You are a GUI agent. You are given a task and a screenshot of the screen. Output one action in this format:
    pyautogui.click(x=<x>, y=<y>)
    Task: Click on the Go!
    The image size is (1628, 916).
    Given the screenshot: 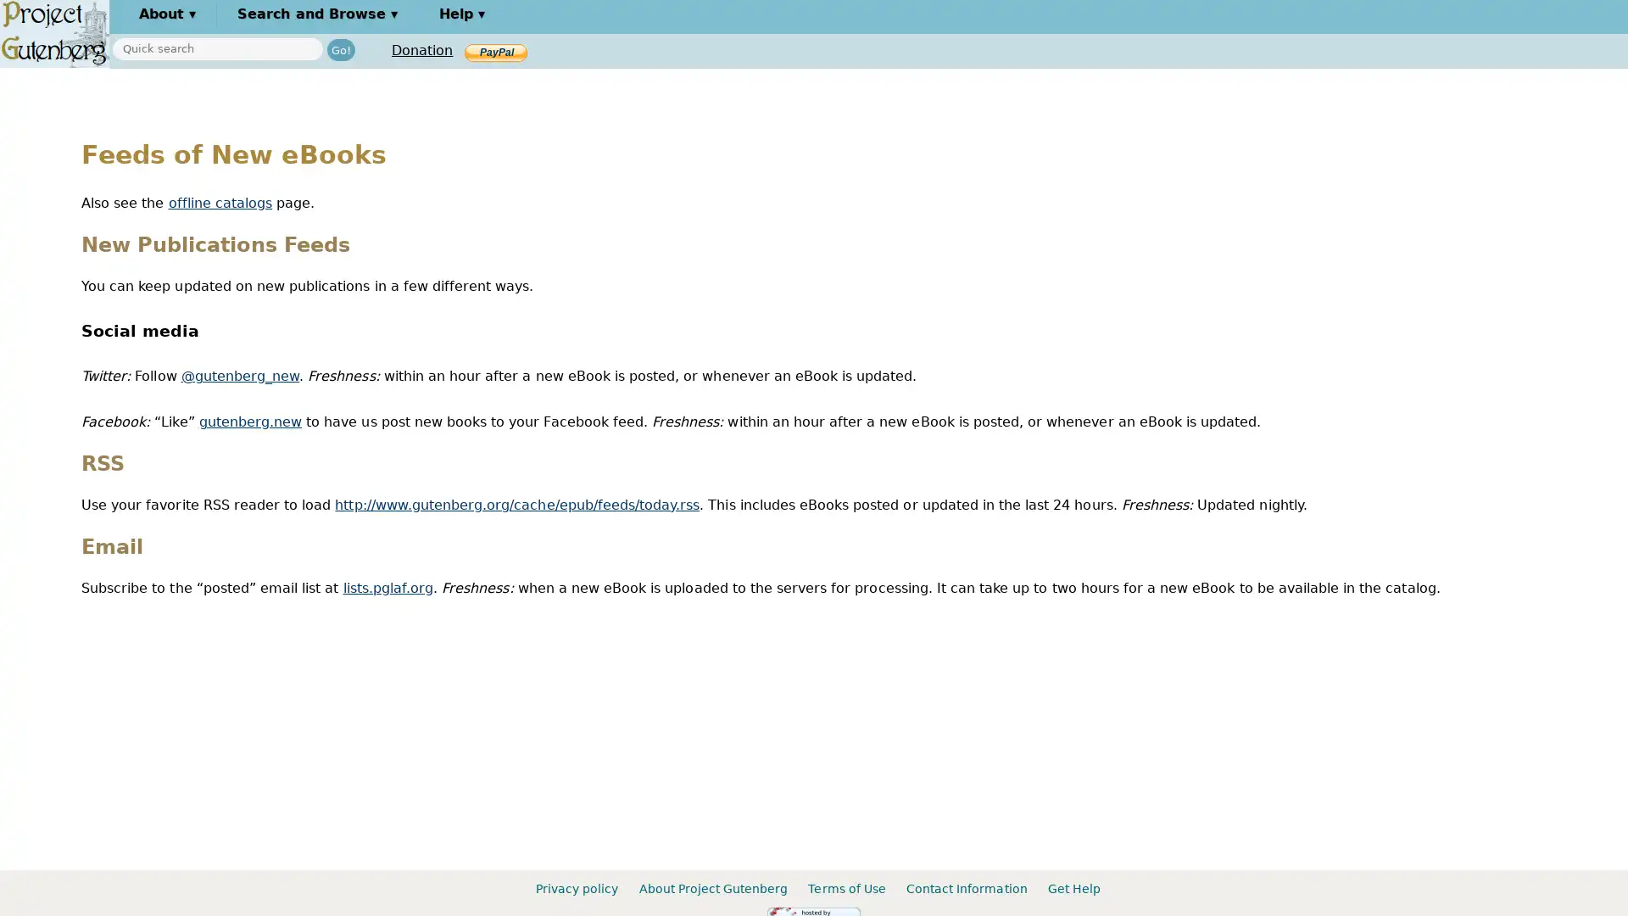 What is the action you would take?
    pyautogui.click(x=340, y=48)
    